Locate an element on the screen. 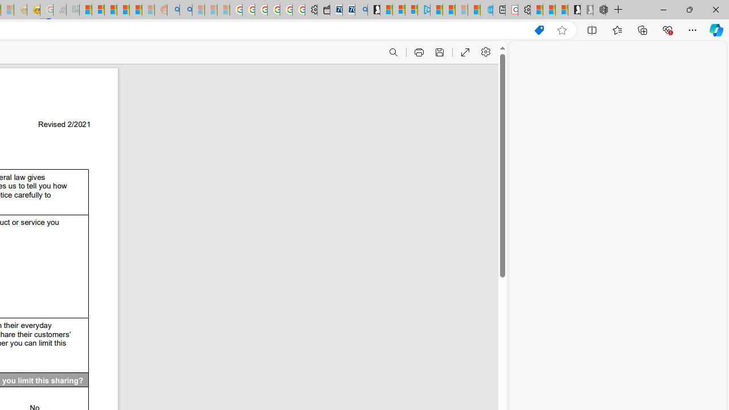 The image size is (729, 410). 'Find (Ctrl + F)' is located at coordinates (393, 52).